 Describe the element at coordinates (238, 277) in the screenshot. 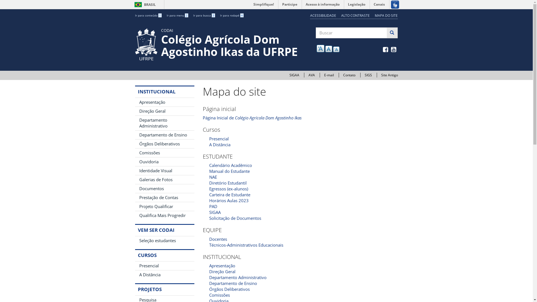

I see `'Departamento Administrativo'` at that location.